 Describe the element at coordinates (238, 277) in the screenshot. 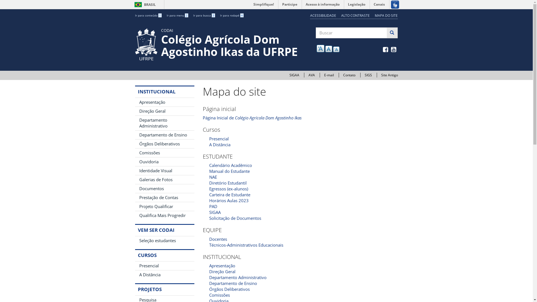

I see `'Departamento Administrativo'` at that location.